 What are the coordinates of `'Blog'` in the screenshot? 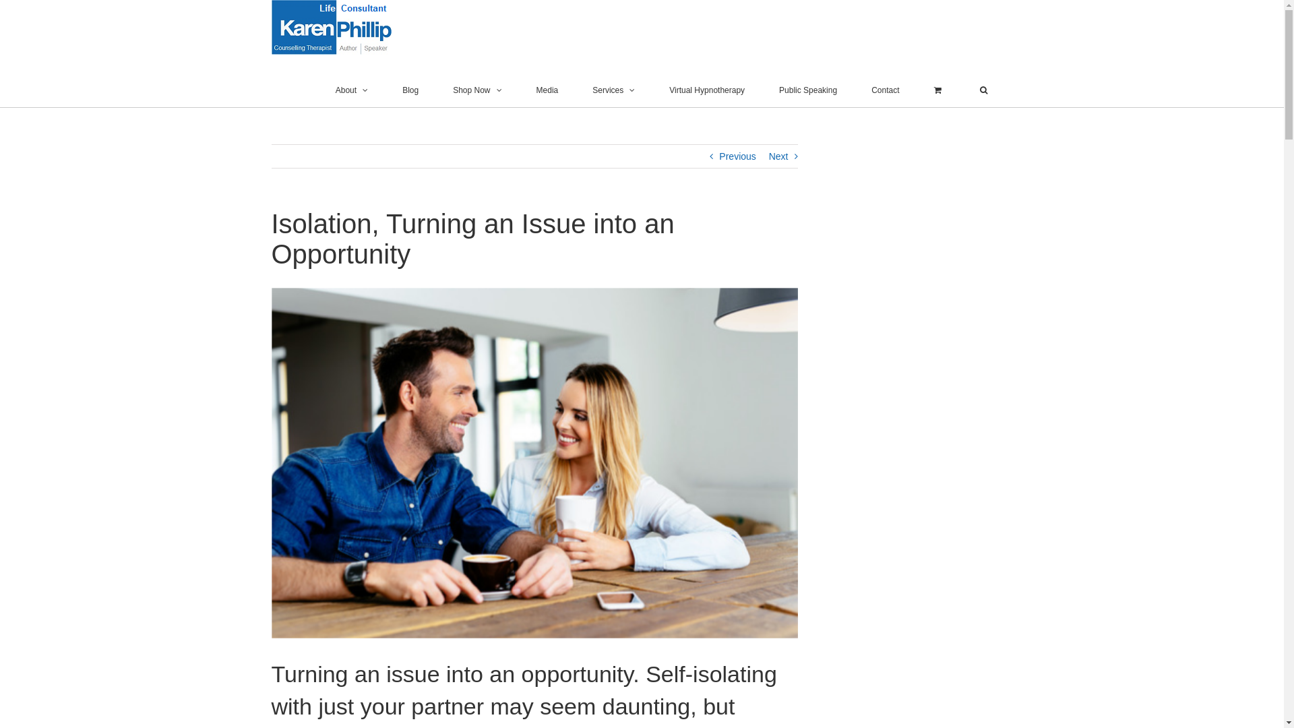 It's located at (410, 90).